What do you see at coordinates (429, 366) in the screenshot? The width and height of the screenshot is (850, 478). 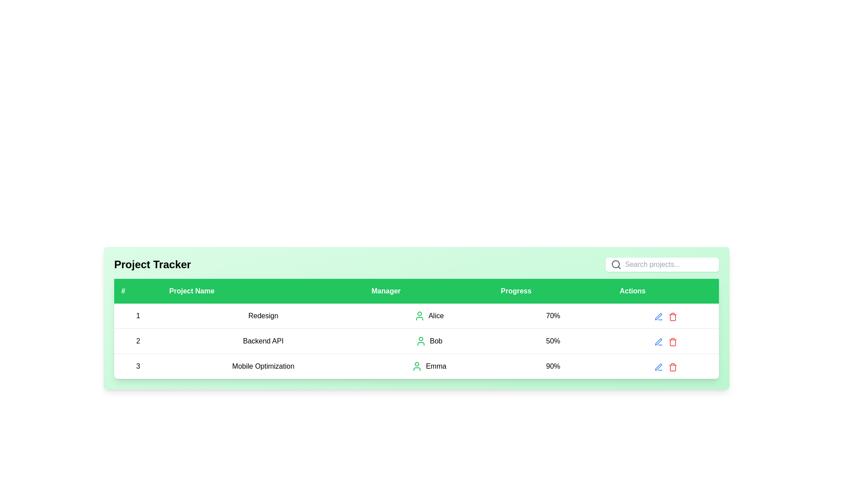 I see `text 'Emma' displayed in the Text Label with an Icon, located in the 'Manager' column of the third row under the 'Mobile Optimization' project` at bounding box center [429, 366].